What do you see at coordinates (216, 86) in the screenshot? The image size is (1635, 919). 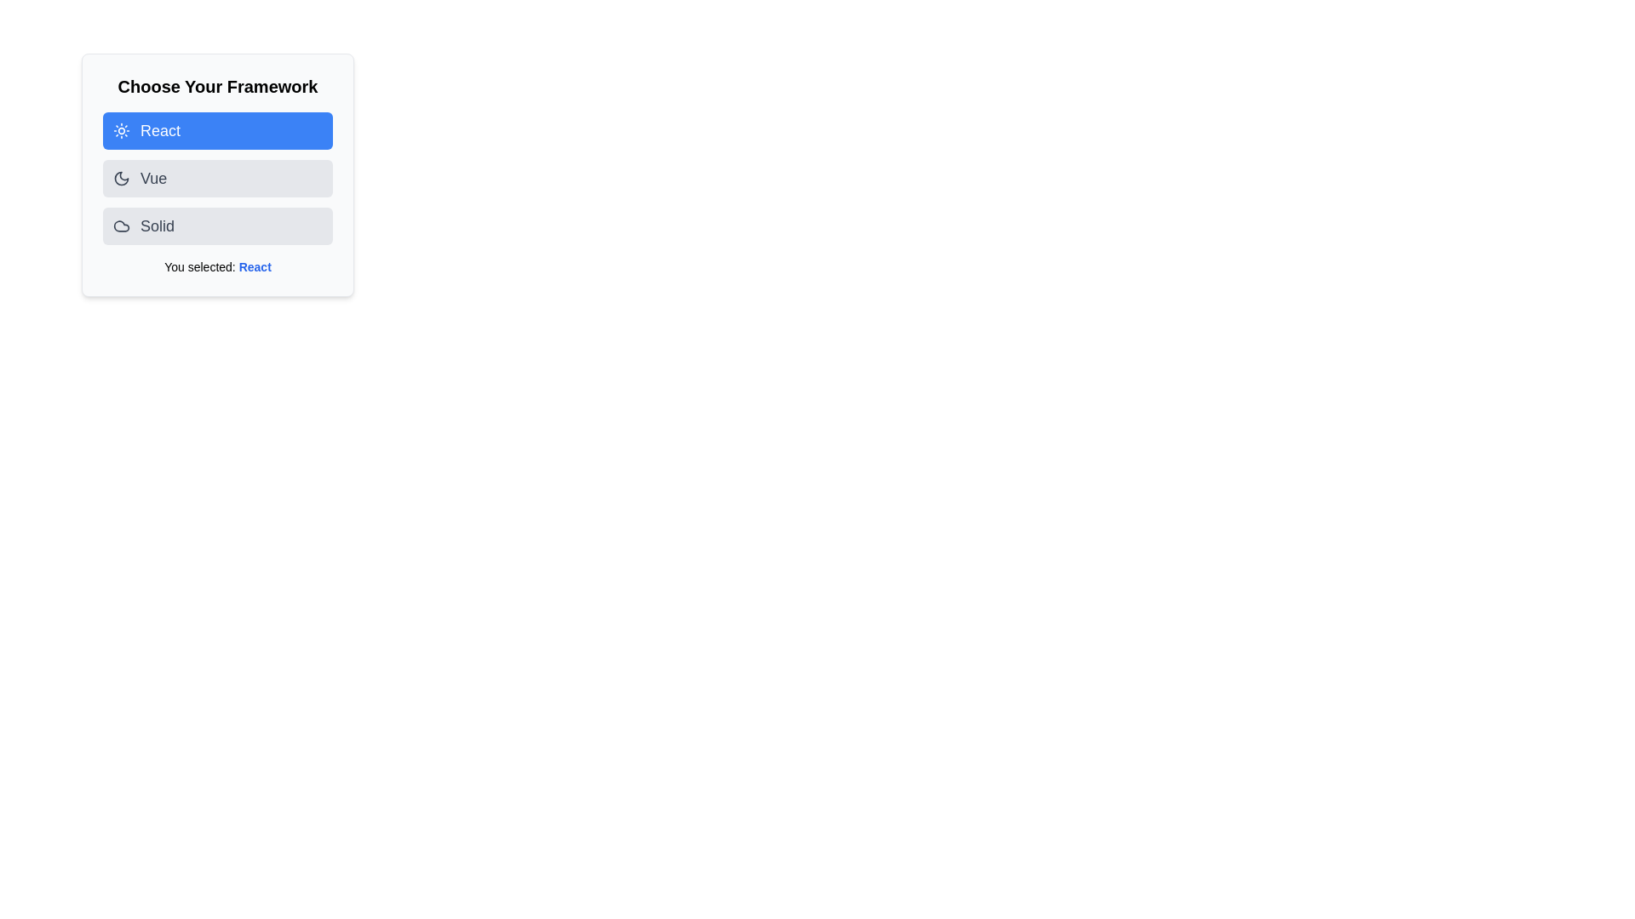 I see `the title text labeled 'Choose Your Framework', which is positioned at the top section of a card-like component` at bounding box center [216, 86].